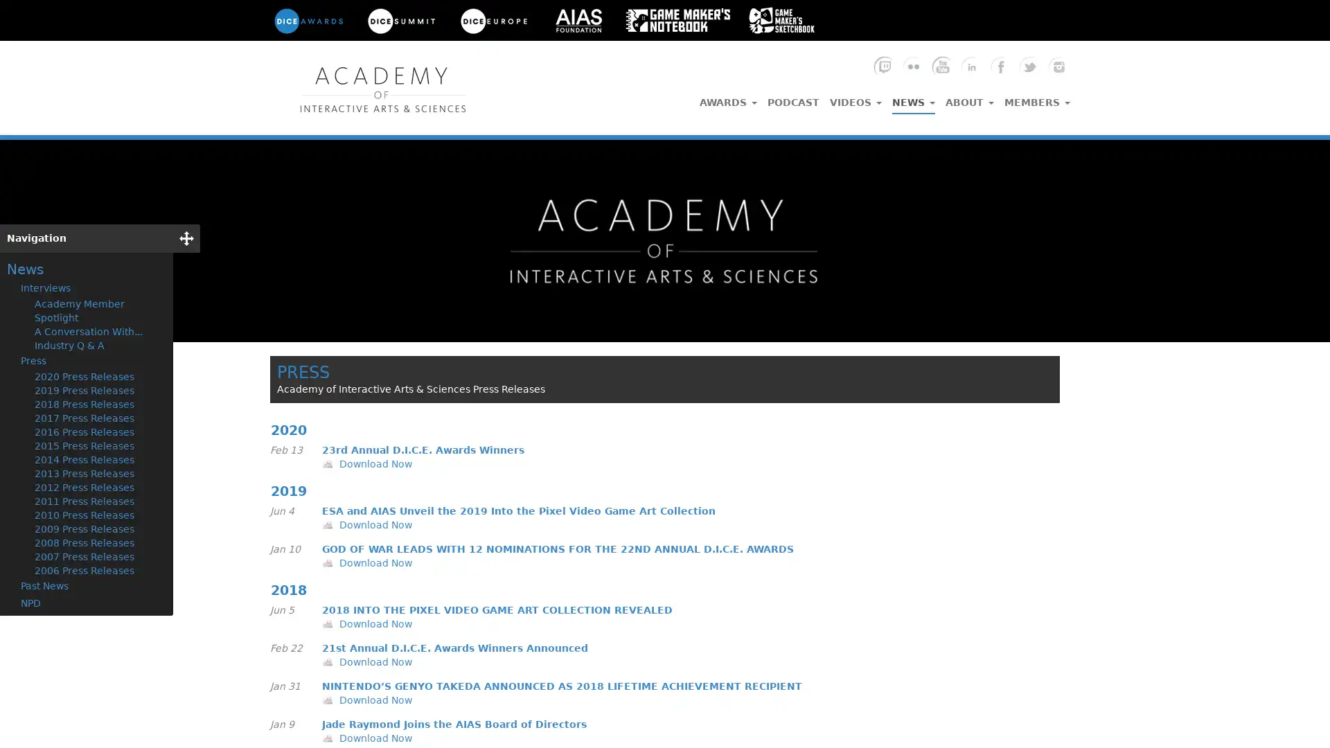  I want to click on VIDEOS, so click(855, 98).